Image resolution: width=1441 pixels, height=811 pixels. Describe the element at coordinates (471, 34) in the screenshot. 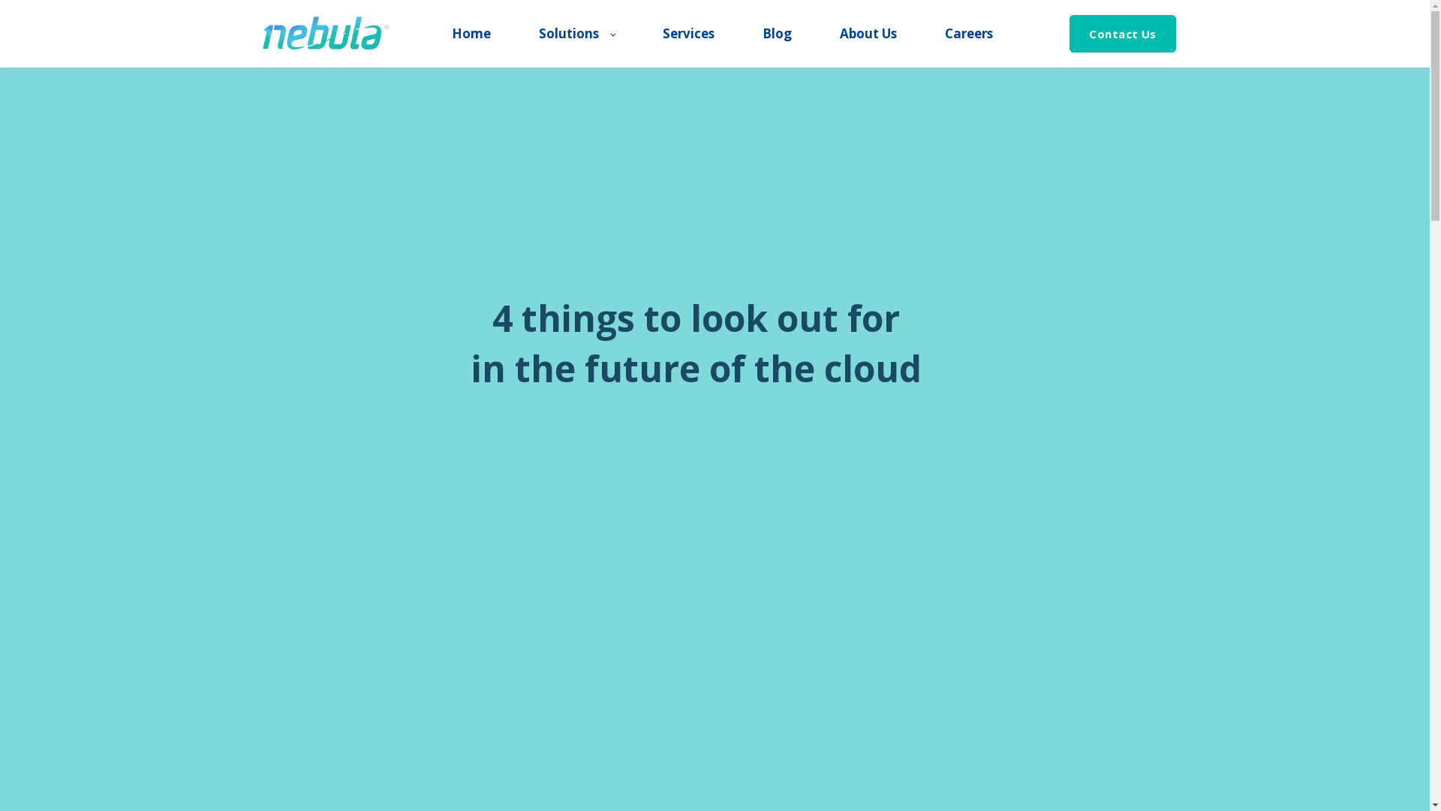

I see `'Home'` at that location.